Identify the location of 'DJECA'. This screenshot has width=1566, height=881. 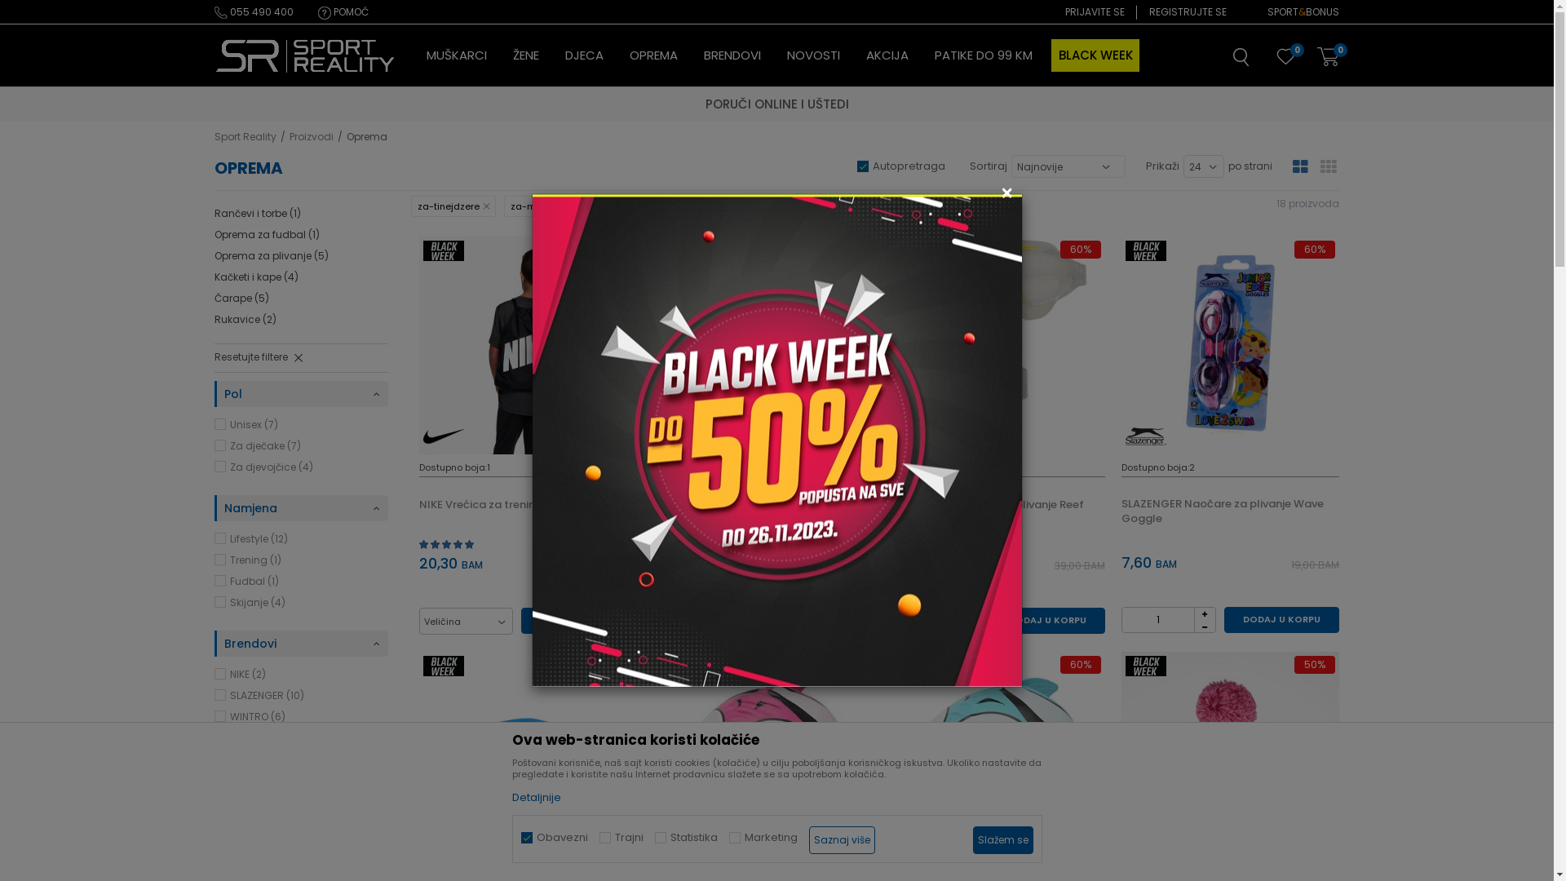
(583, 55).